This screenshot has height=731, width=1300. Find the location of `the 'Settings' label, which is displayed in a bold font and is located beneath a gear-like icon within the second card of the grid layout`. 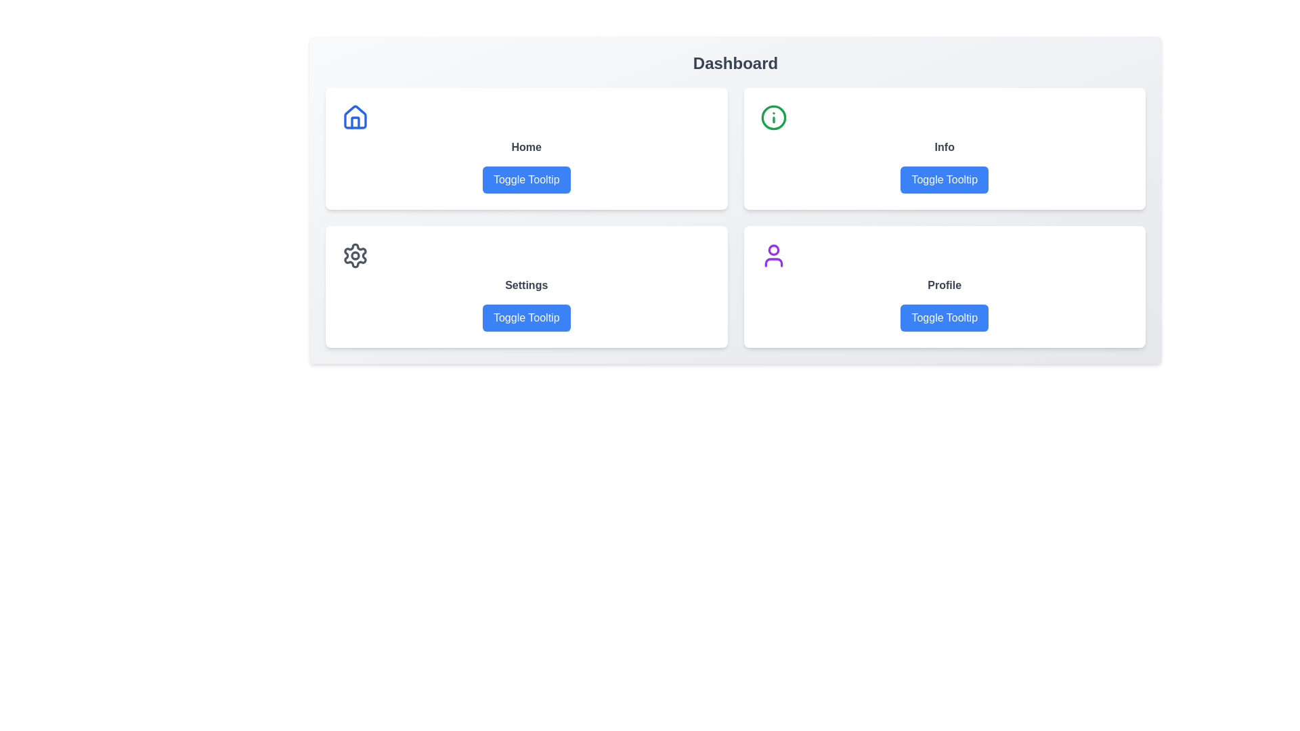

the 'Settings' label, which is displayed in a bold font and is located beneath a gear-like icon within the second card of the grid layout is located at coordinates (525, 284).